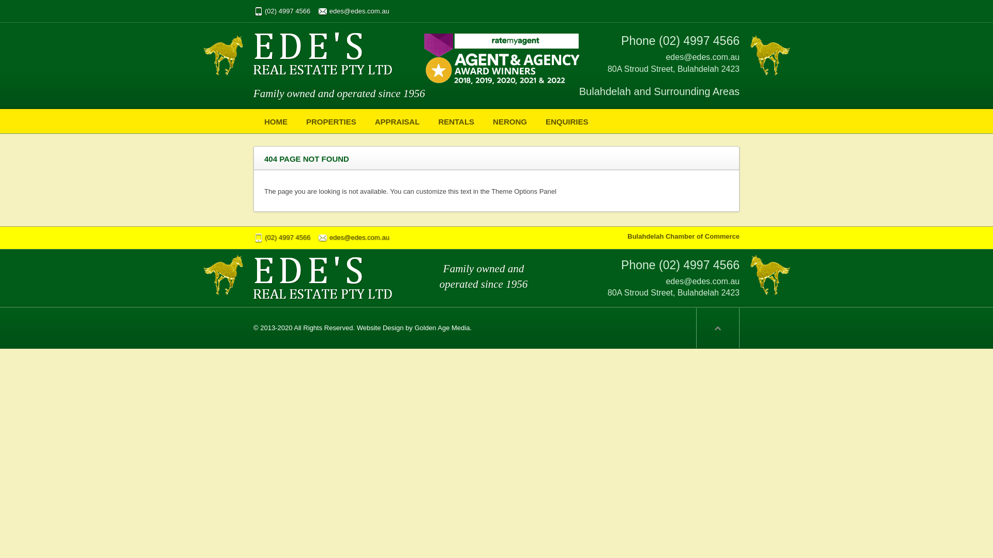 Image resolution: width=993 pixels, height=558 pixels. Describe the element at coordinates (353, 237) in the screenshot. I see `'edes@edes.com.au'` at that location.